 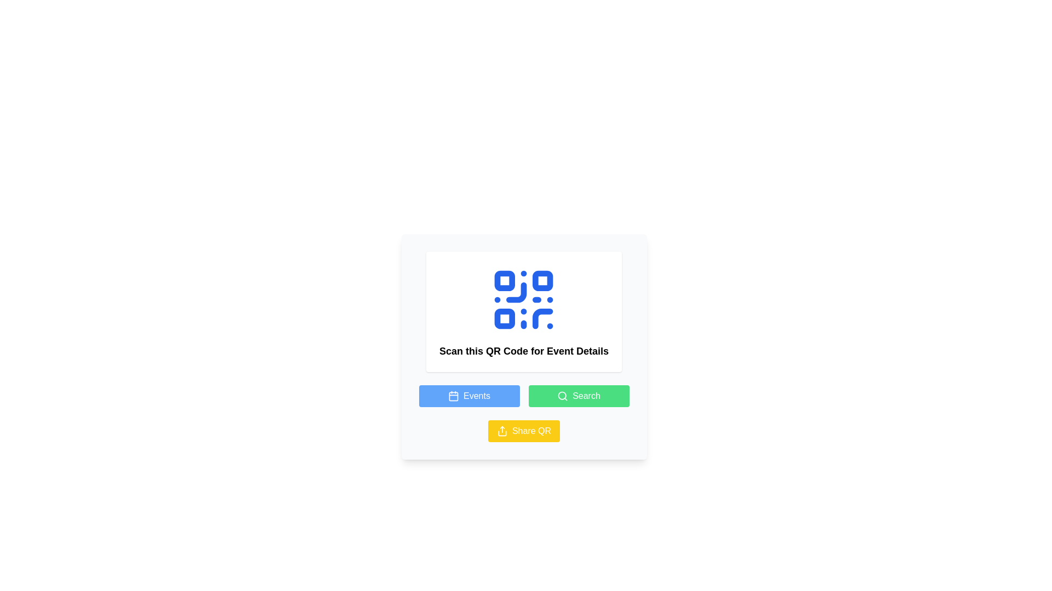 What do you see at coordinates (454, 396) in the screenshot?
I see `the calendar icon which is styled with a rounded outer rectangle and features a two-top bar pattern, located inside the blue 'Events' button` at bounding box center [454, 396].